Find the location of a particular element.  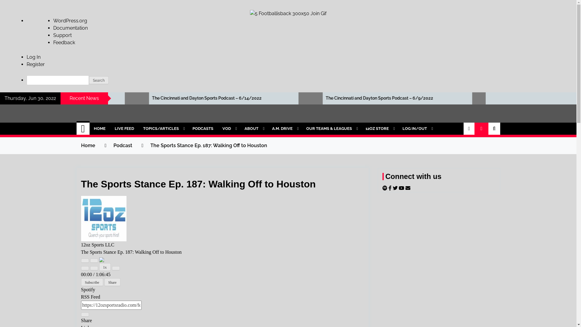

'A.M. DRIVE' is located at coordinates (284, 128).